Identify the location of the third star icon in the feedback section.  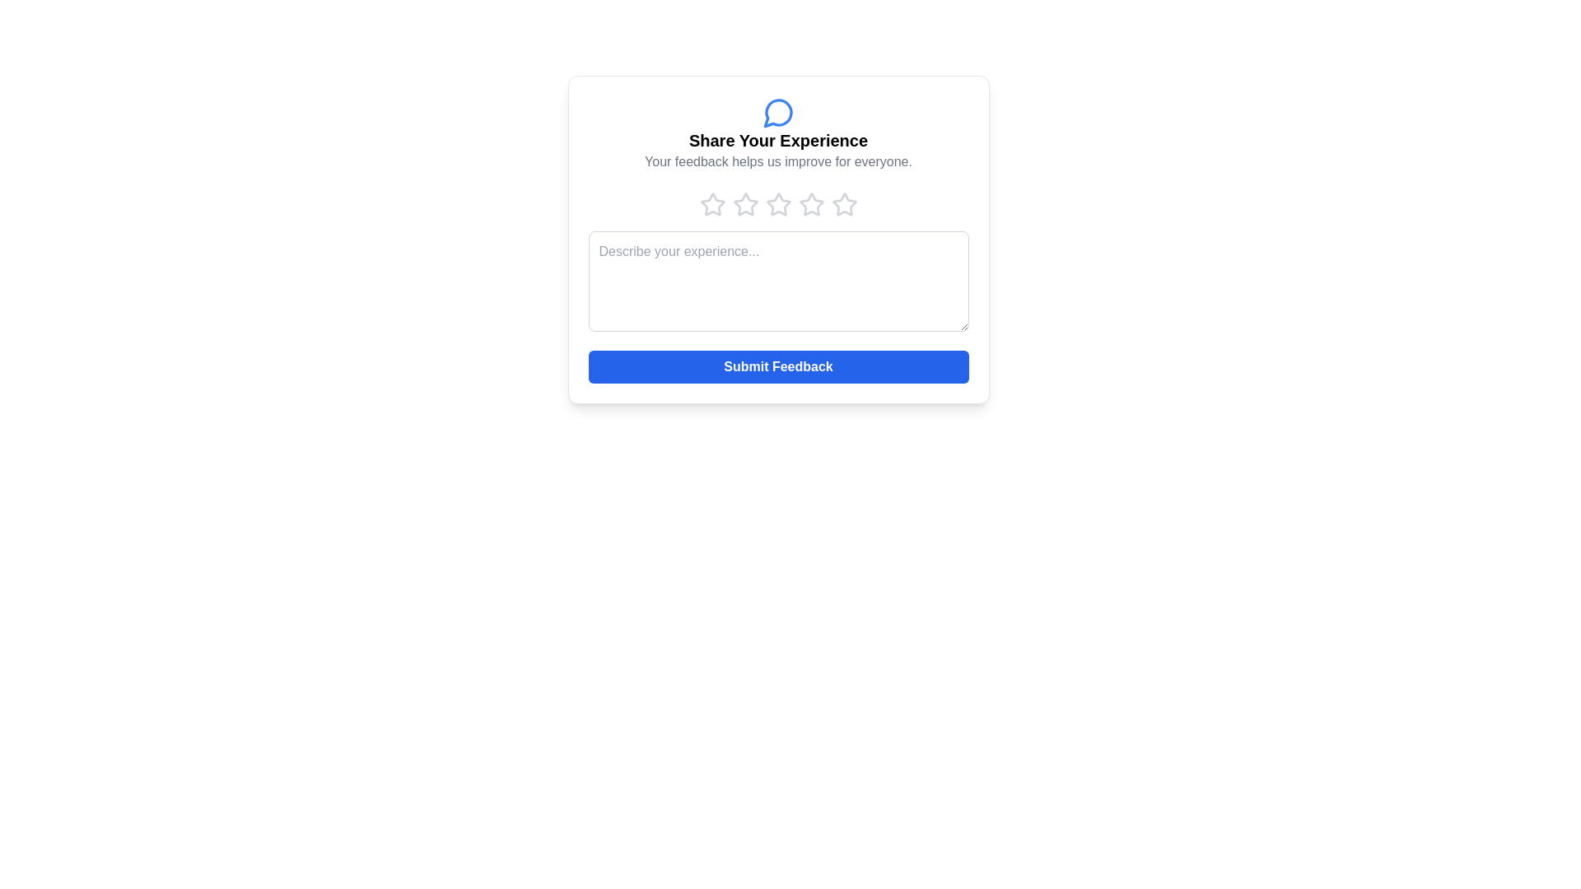
(811, 203).